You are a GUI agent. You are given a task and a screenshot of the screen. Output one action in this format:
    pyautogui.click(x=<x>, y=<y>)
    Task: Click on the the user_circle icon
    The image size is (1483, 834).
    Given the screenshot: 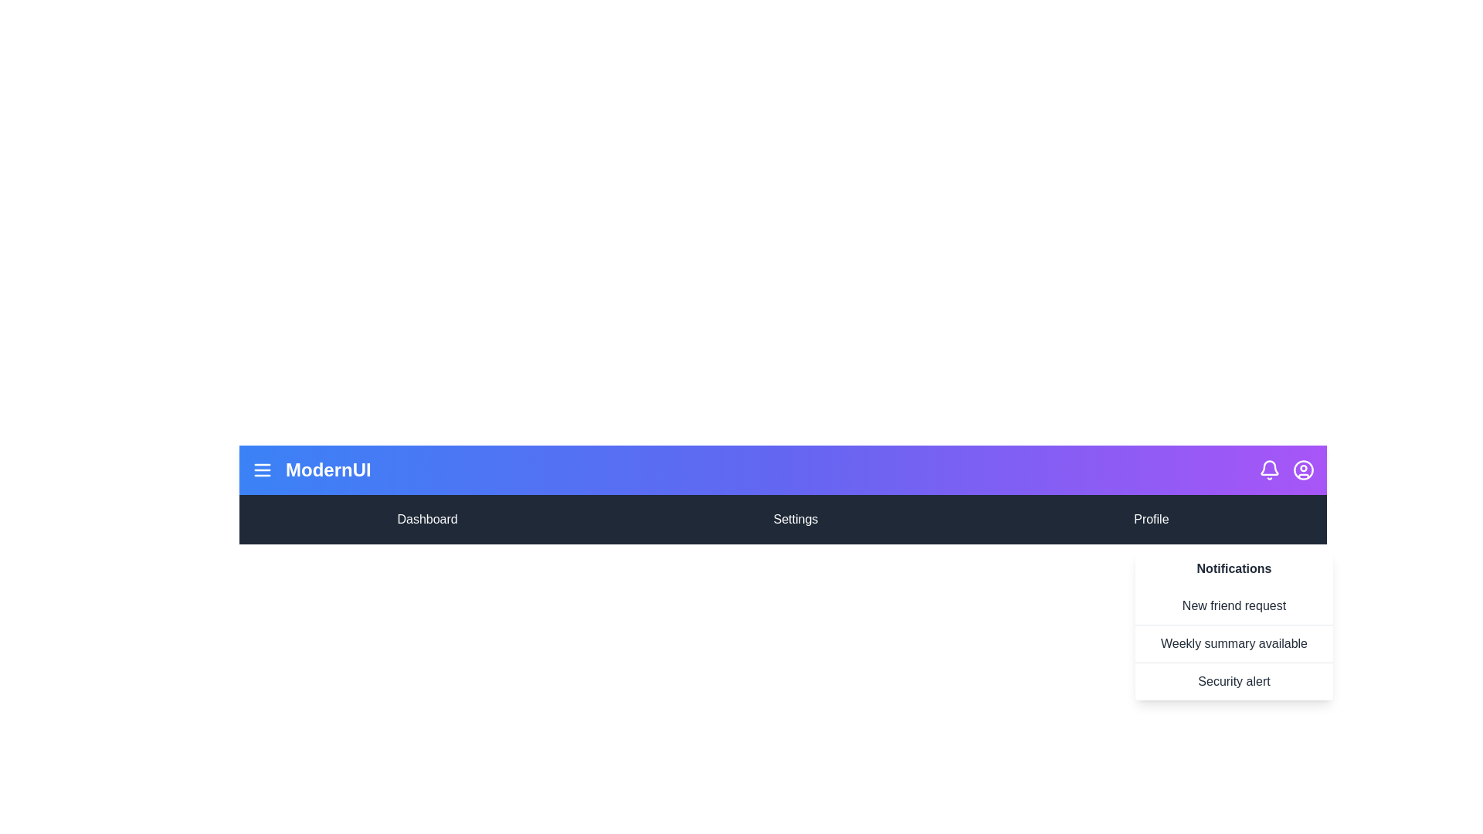 What is the action you would take?
    pyautogui.click(x=1303, y=470)
    